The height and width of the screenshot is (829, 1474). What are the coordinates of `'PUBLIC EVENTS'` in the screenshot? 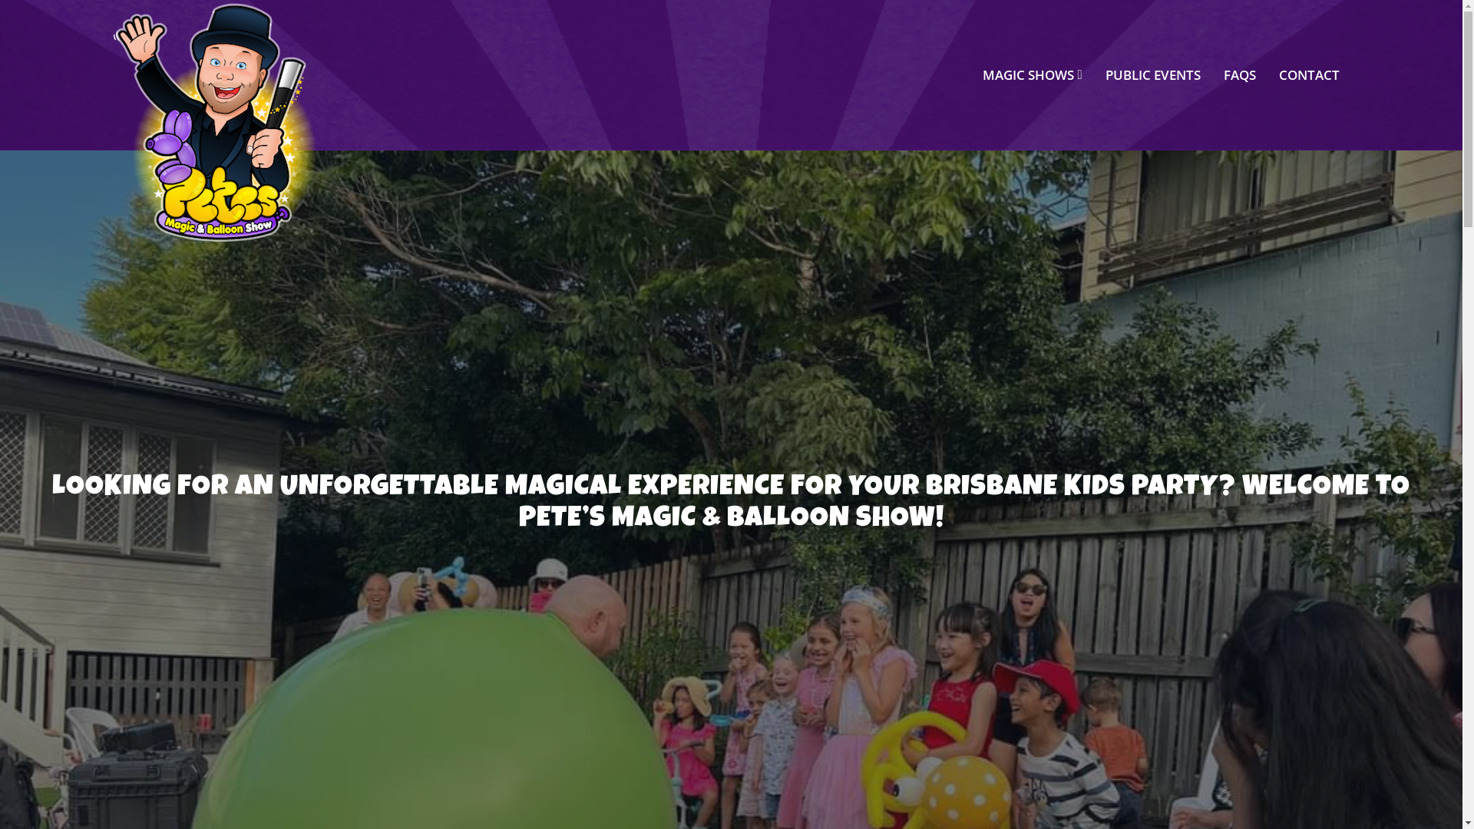 It's located at (1153, 74).